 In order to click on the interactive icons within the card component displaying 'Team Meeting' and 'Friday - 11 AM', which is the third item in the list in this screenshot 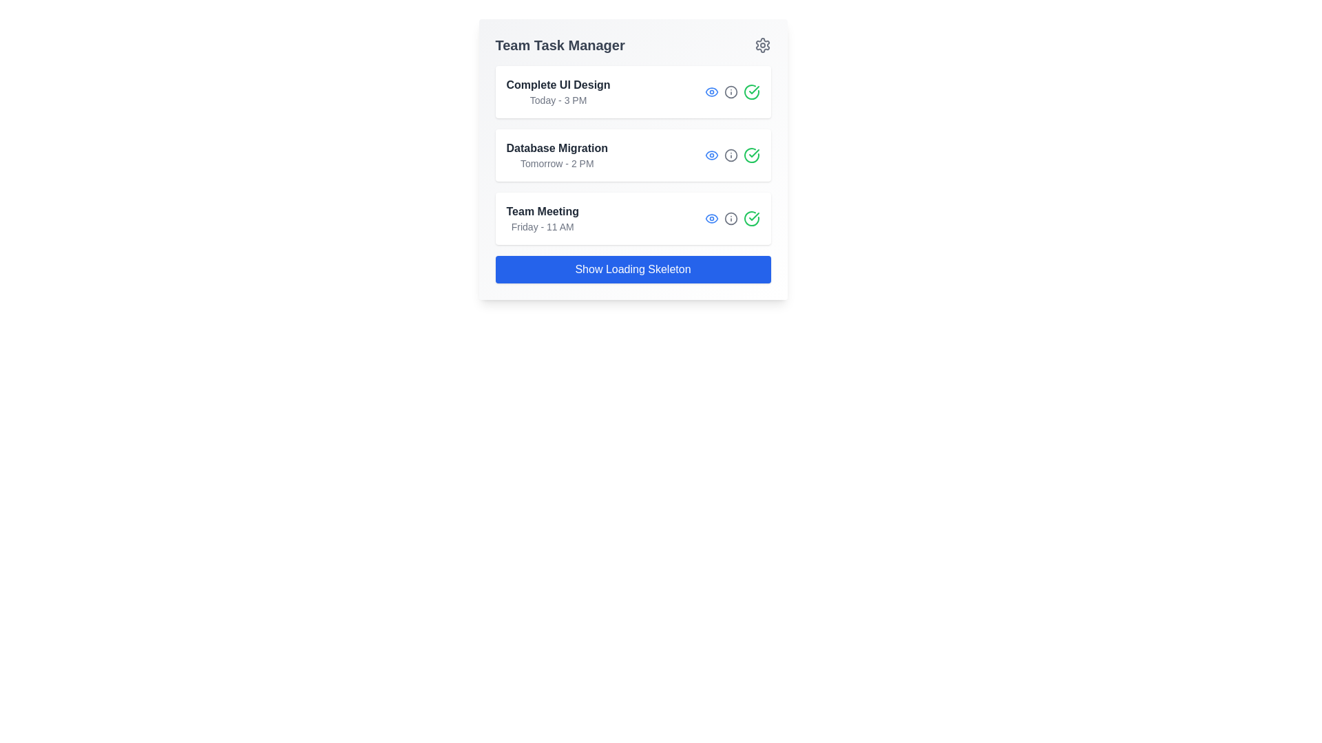, I will do `click(632, 217)`.